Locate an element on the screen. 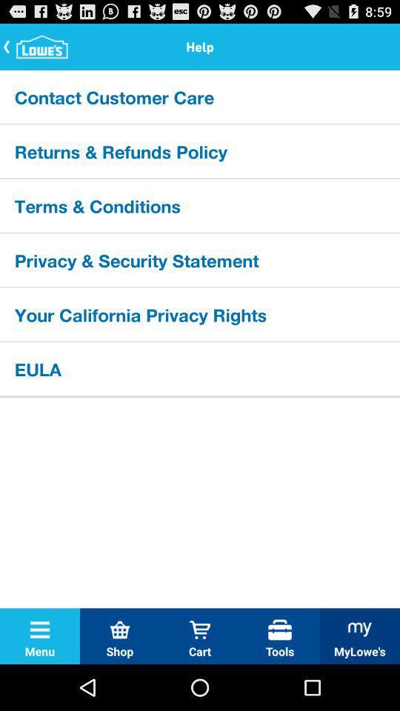 The height and width of the screenshot is (711, 400). eula icon is located at coordinates (200, 367).